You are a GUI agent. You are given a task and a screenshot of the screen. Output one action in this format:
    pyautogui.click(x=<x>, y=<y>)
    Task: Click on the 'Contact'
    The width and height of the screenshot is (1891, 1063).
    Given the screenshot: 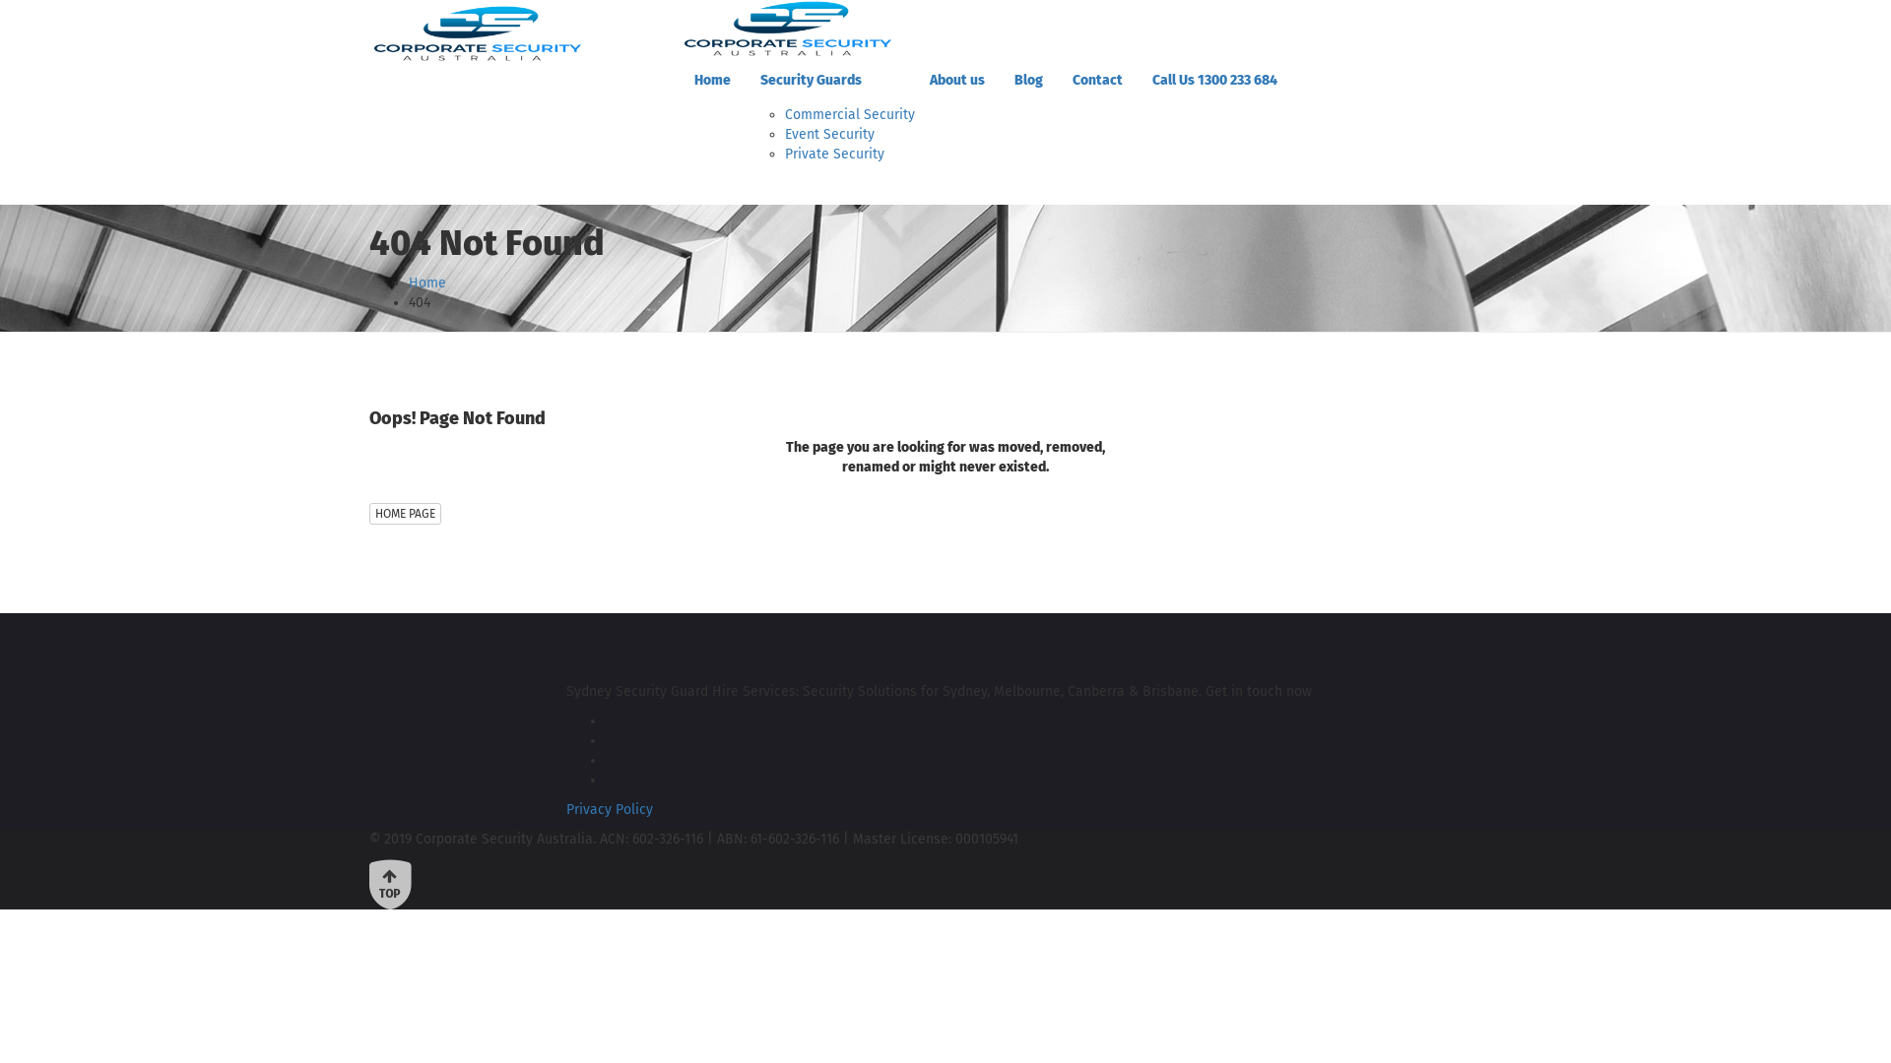 What is the action you would take?
    pyautogui.click(x=1096, y=79)
    